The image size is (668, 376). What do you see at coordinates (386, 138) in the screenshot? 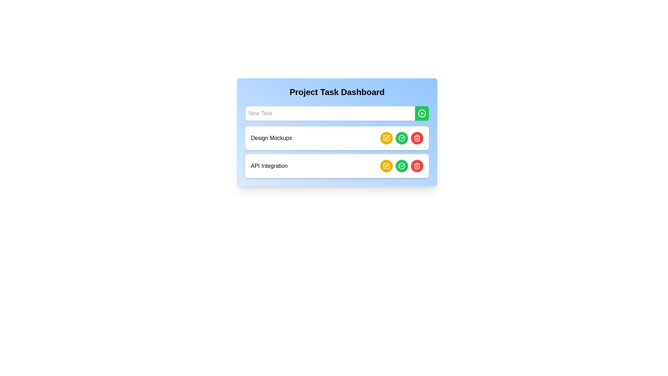
I see `the small square pen-shaped icon with a yellow background and a white outline located in the second row of the task list associated with the task 'Design Mockups'` at bounding box center [386, 138].